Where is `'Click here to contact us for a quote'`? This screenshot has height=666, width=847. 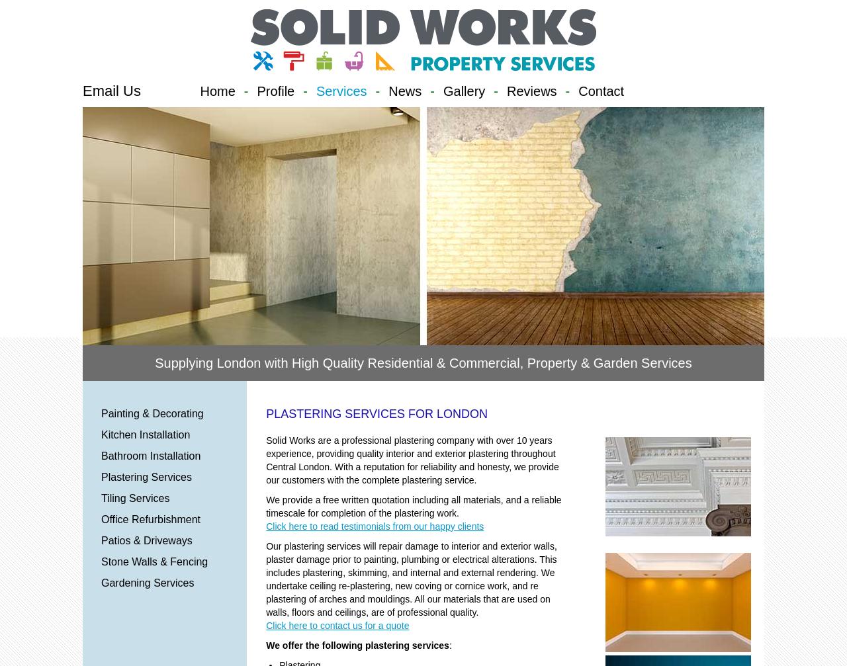
'Click here to contact us for a quote' is located at coordinates (337, 624).